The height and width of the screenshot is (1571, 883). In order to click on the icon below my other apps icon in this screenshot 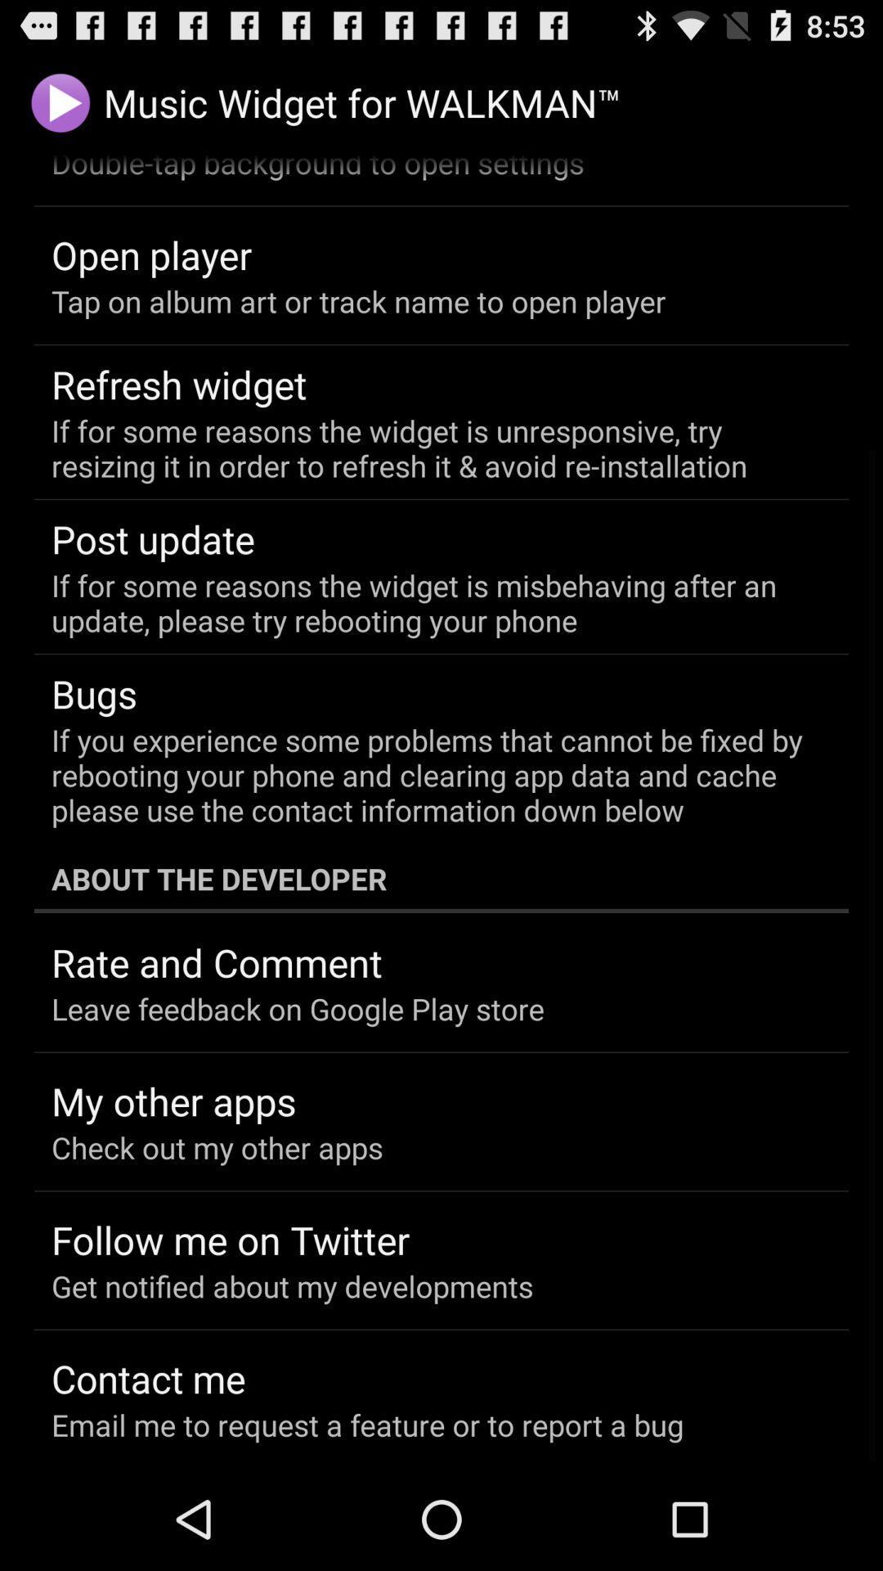, I will do `click(216, 1146)`.